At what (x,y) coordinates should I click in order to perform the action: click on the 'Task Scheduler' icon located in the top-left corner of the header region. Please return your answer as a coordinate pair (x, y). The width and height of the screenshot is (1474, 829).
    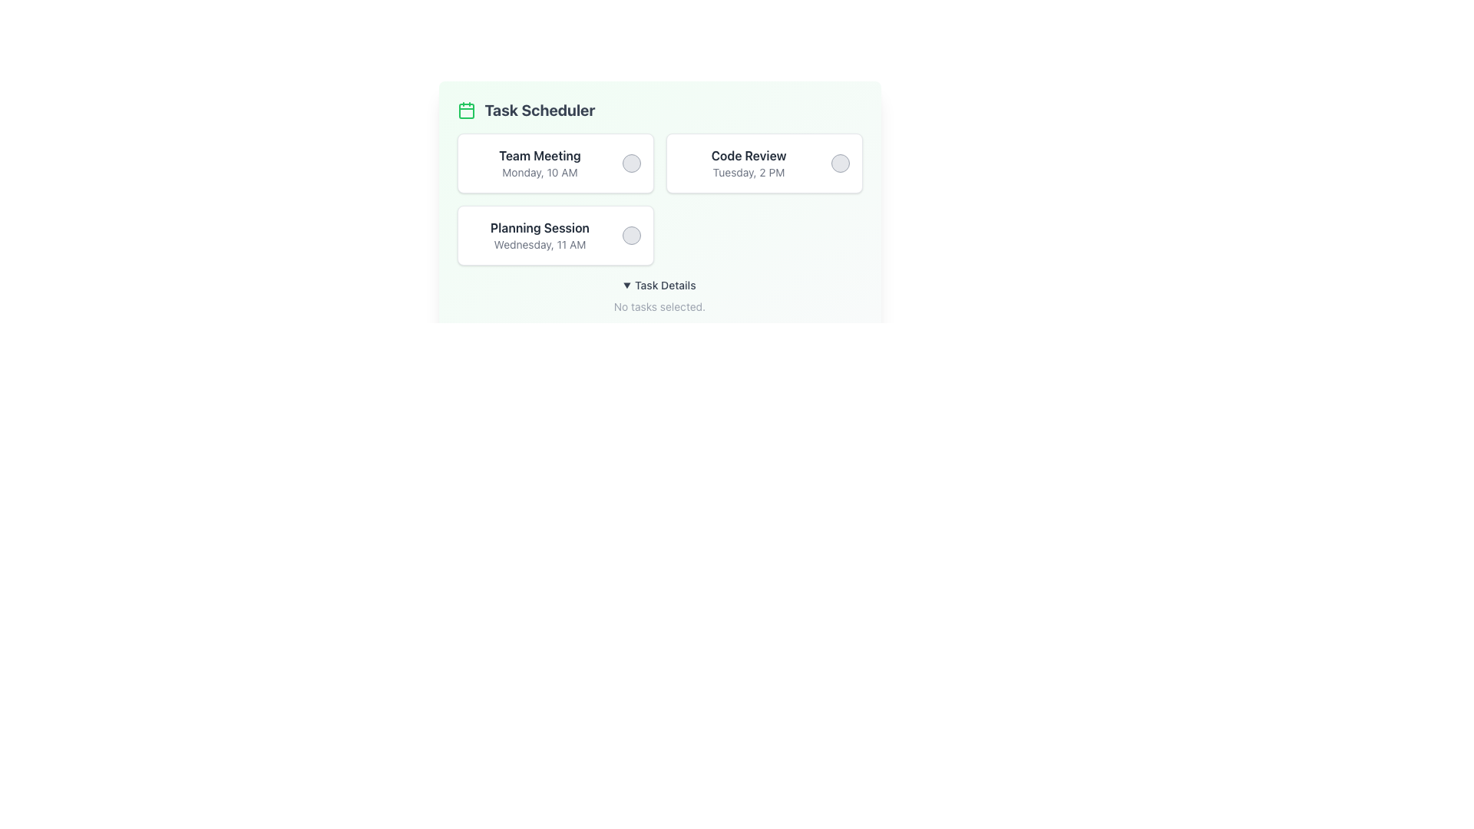
    Looking at the image, I should click on (465, 109).